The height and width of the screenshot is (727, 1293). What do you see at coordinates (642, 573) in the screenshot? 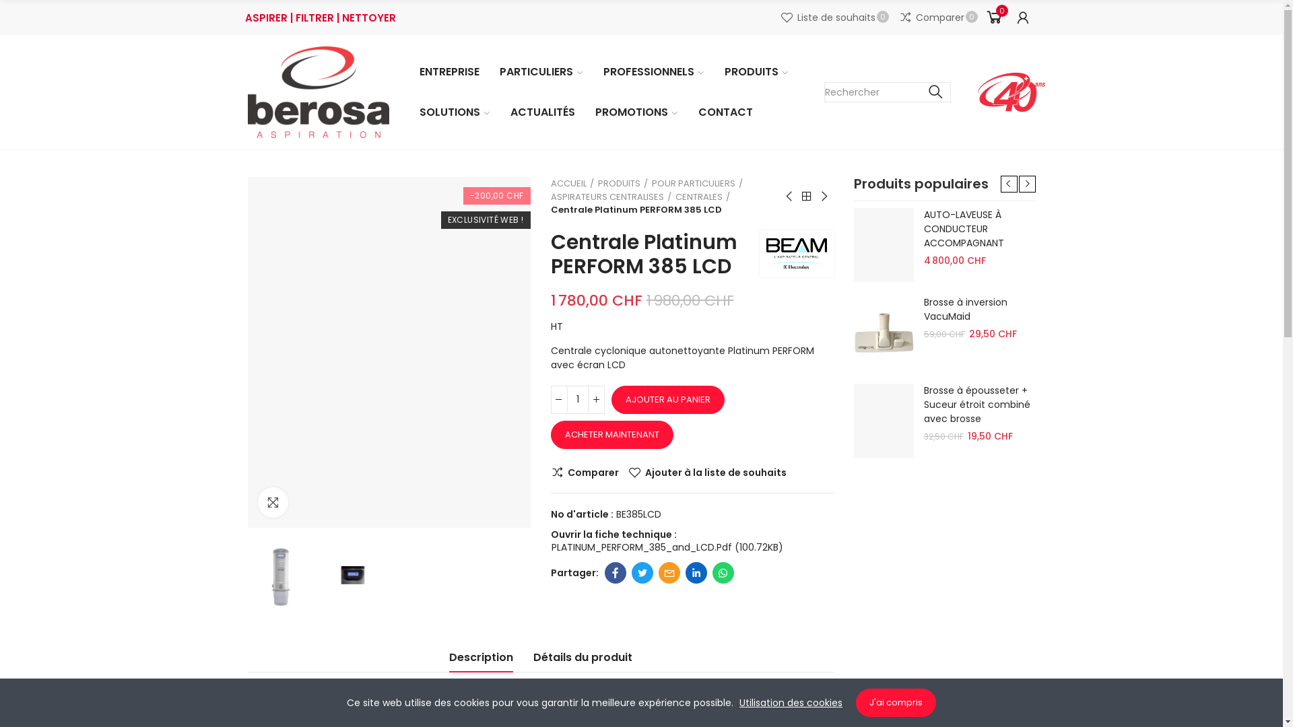
I see `'Twitter'` at bounding box center [642, 573].